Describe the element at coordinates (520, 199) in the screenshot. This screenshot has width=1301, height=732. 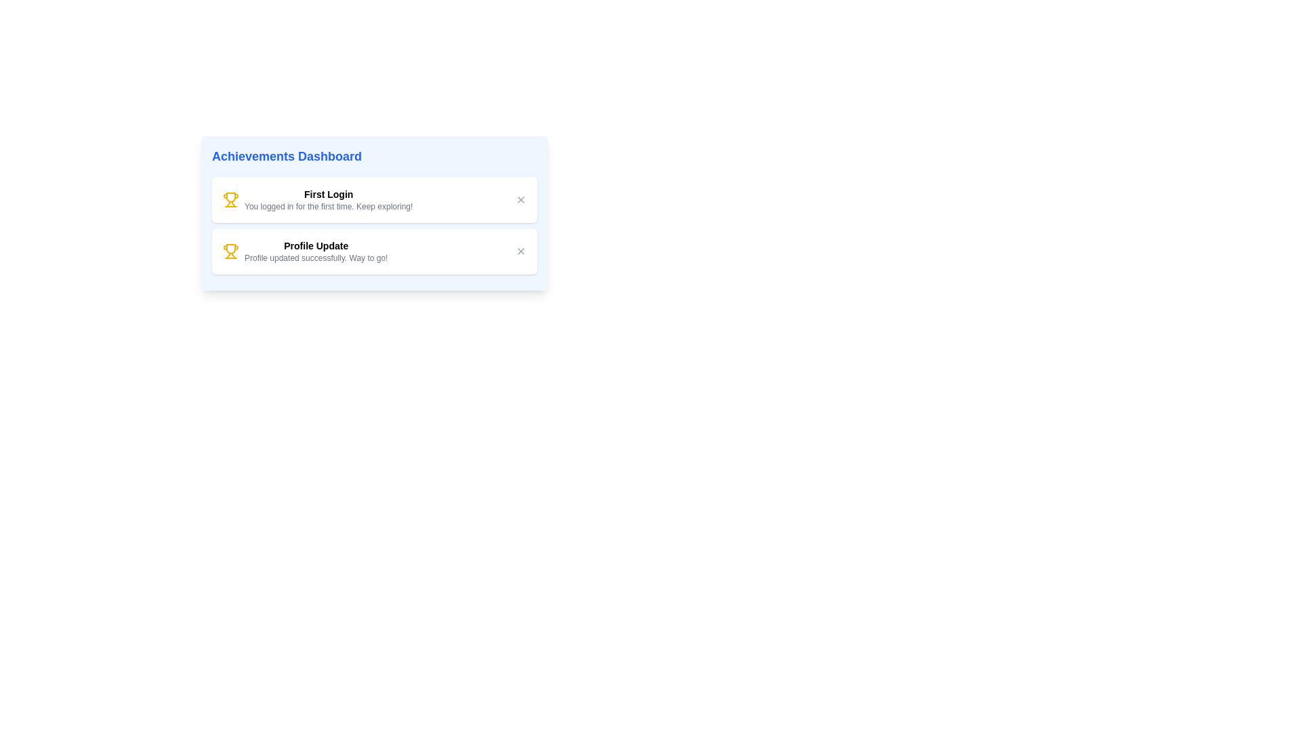
I see `the close button icon in the top-right corner of the 'First Login' notification card to change its color from text-gray-400 to black` at that location.